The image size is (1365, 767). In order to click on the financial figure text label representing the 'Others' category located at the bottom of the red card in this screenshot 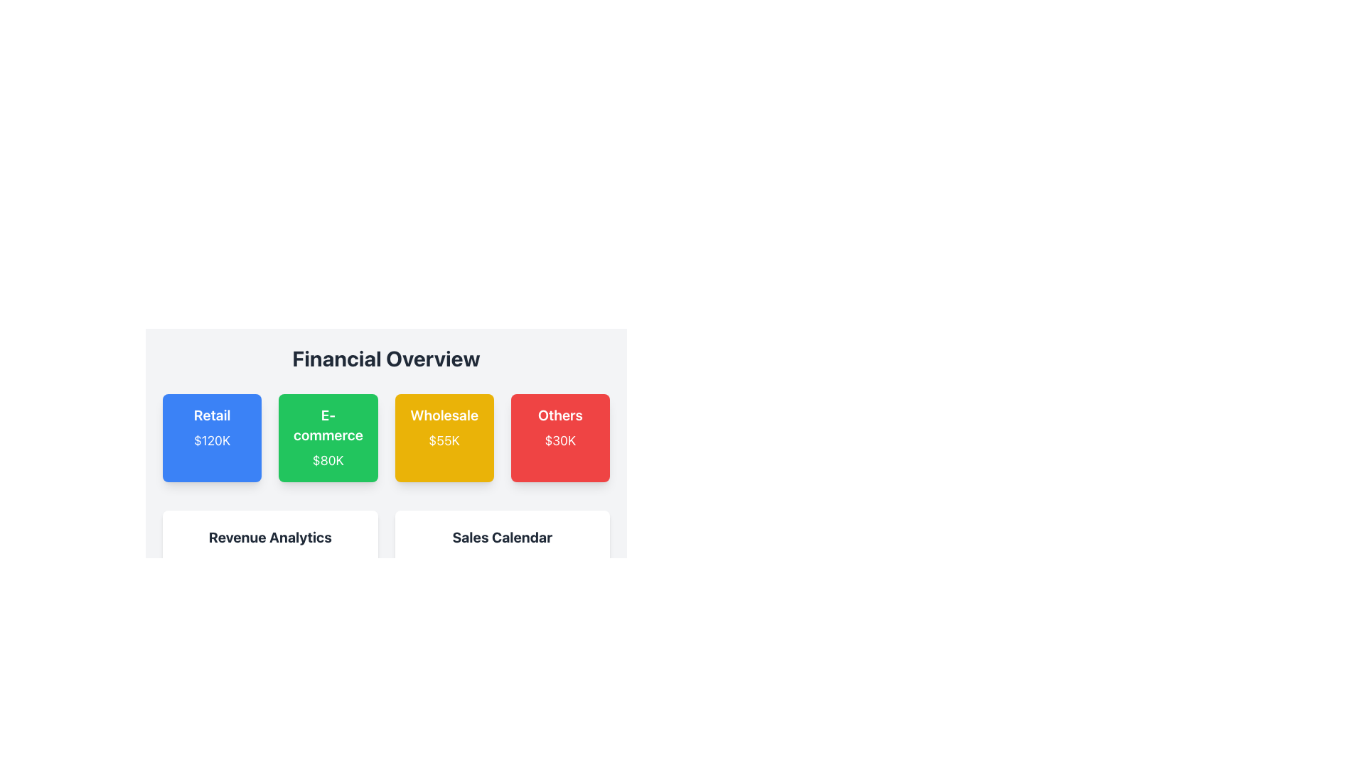, I will do `click(560, 440)`.